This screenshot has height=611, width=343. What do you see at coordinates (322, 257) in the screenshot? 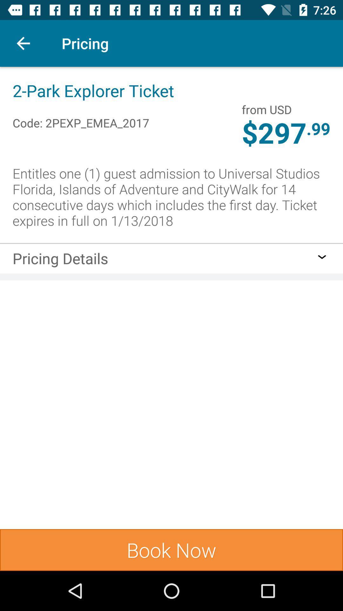
I see `icon next to the pricing details icon` at bounding box center [322, 257].